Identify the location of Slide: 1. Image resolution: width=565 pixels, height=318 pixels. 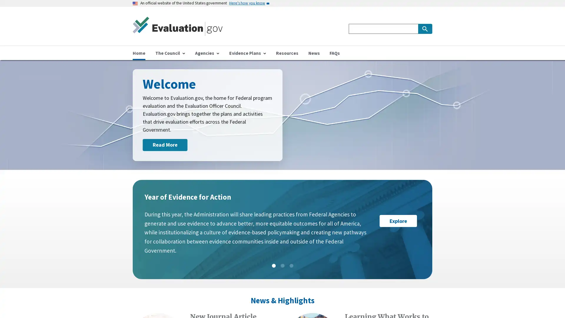
(273, 266).